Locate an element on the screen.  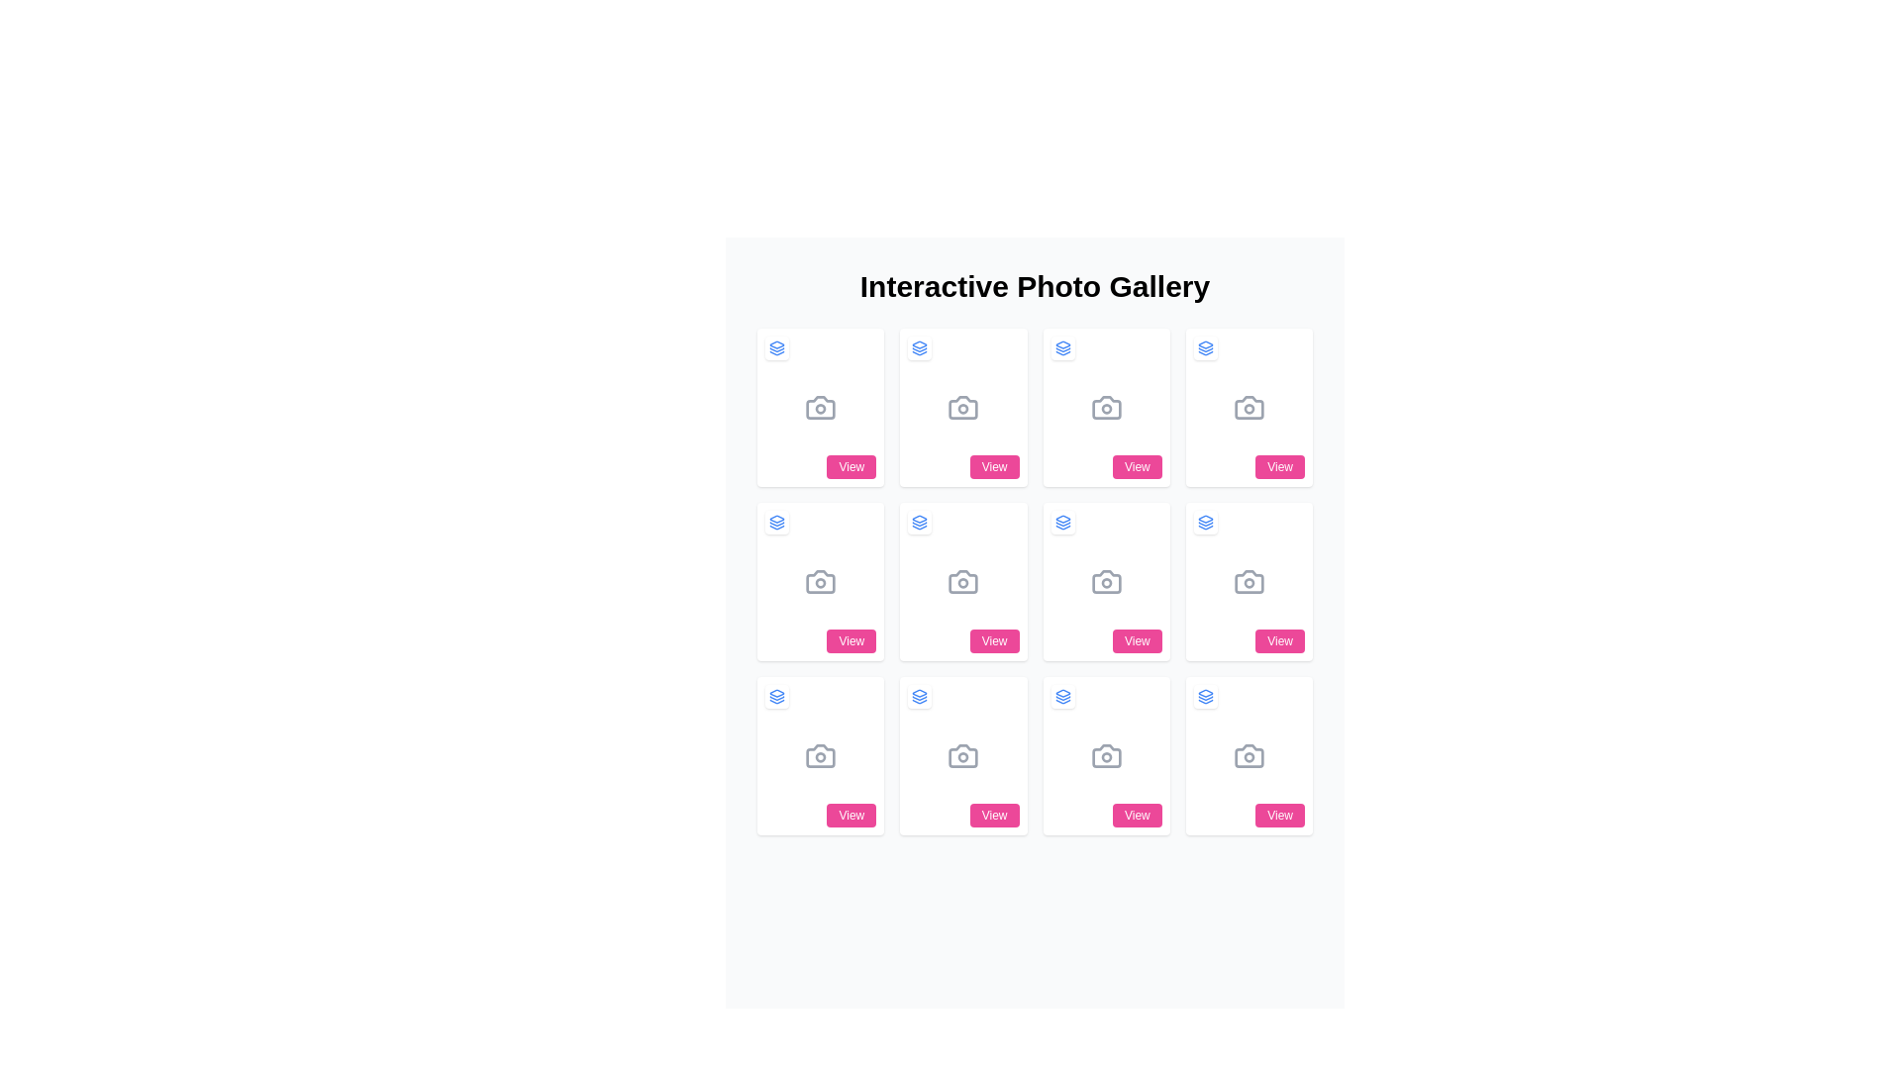
the photo or camera-related feature icon located in the lower-right section of the bottom-center card of the gallery is located at coordinates (1105, 755).